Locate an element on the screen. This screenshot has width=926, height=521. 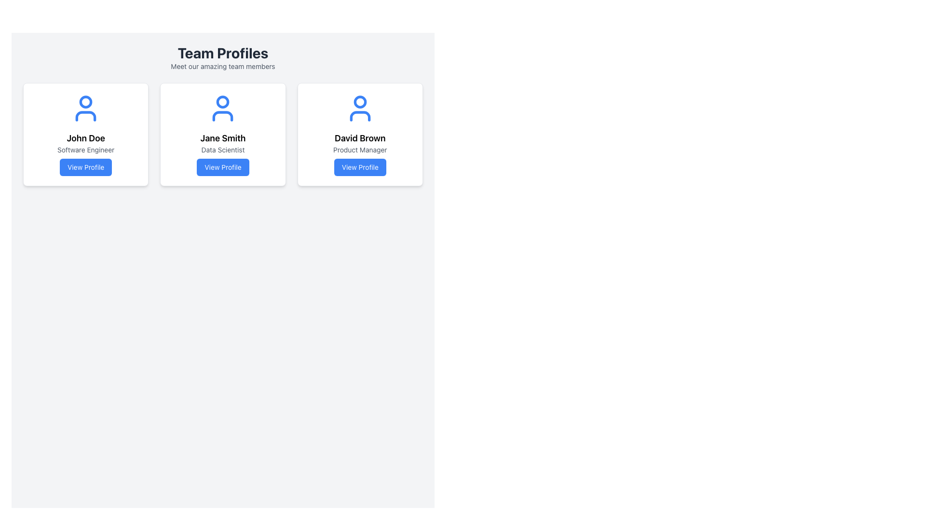
the blue user icon representing a human figure within Jane Smith's profile card, located at the center of the interface is located at coordinates (222, 108).